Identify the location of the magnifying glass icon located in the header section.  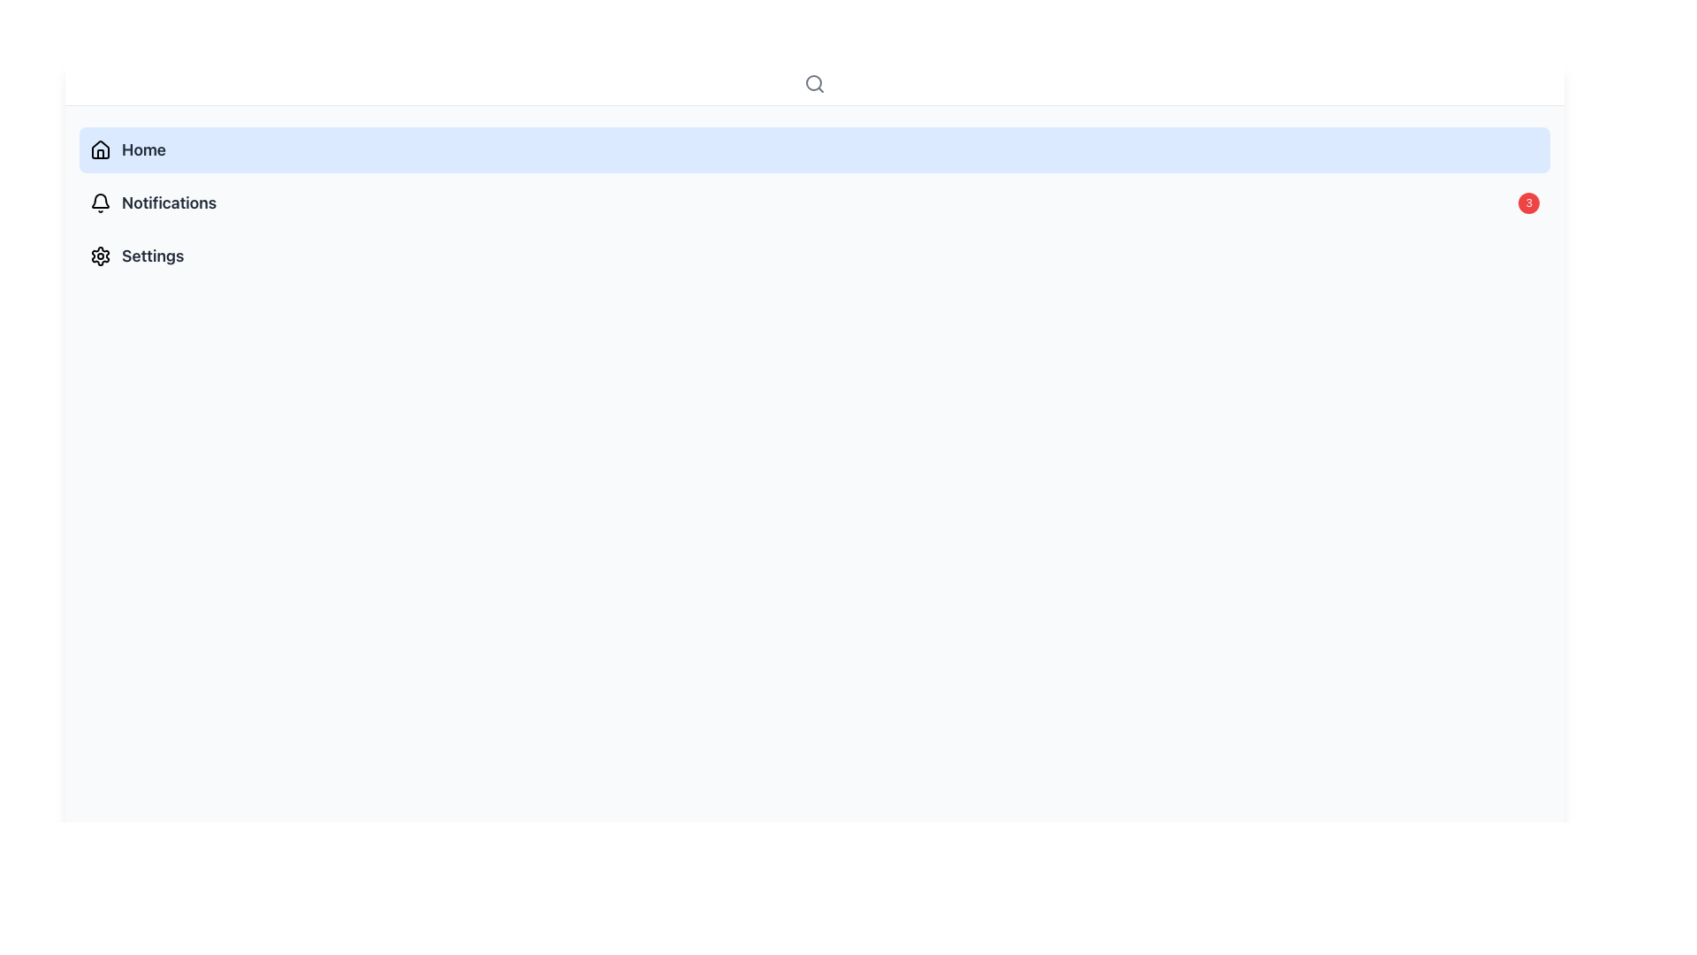
(813, 84).